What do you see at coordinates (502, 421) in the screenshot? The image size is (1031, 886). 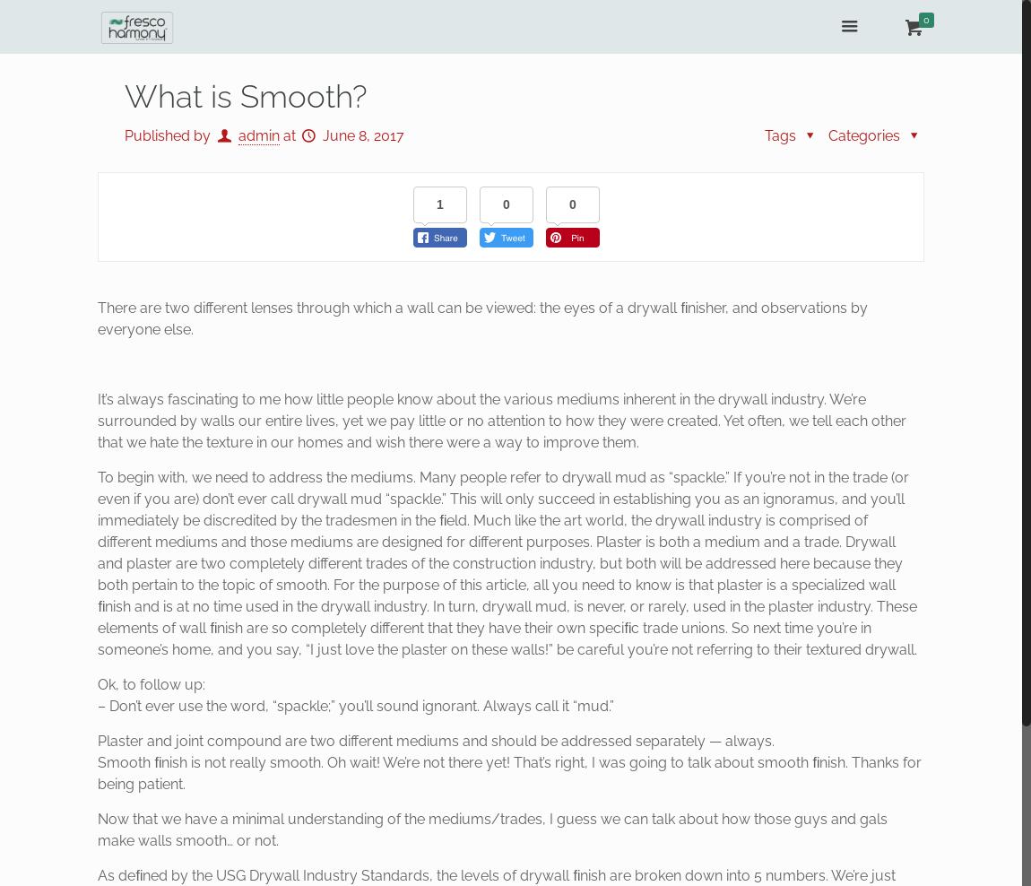 I see `'It’s always fascinating to me how little people know about the various mediums inherent in the drywall industry. We’re surrounded by walls our entire lives, yet we pay little or no attention to how they were created. Yet often, we tell each other that we hate the texture in our homes and wish there were a way to improve them.'` at bounding box center [502, 421].